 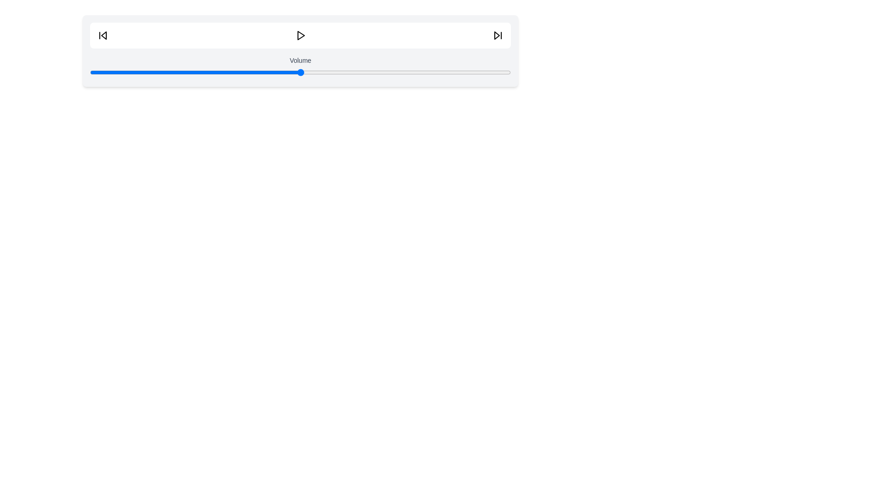 I want to click on the volume, so click(x=326, y=72).